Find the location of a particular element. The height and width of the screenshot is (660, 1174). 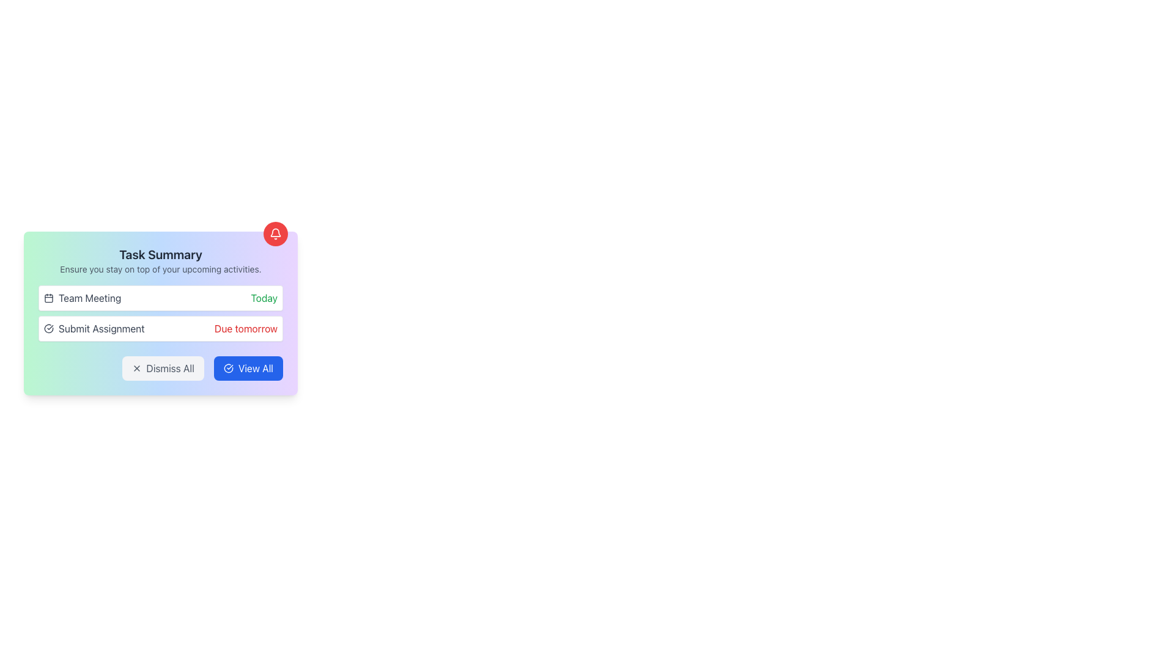

the blue checkmark icon encased in a circle, located to the left of the 'View All' text label within the button at the bottom-right corner of the task summary card is located at coordinates (228, 367).